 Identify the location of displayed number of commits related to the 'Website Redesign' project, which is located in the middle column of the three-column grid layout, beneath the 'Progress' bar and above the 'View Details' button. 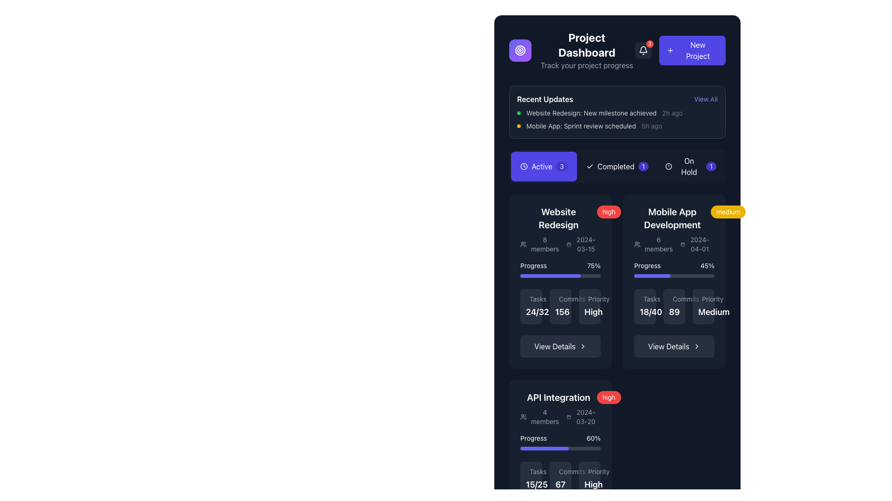
(560, 306).